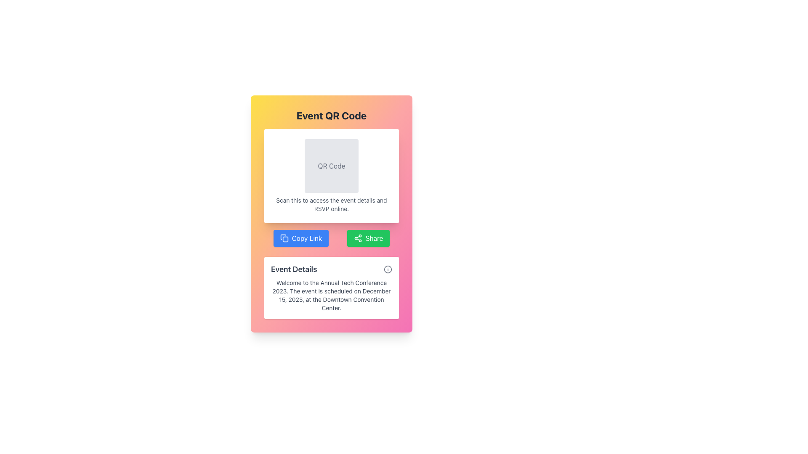 The width and height of the screenshot is (808, 454). Describe the element at coordinates (387, 269) in the screenshot. I see `the central circular shape of the info icon located` at that location.